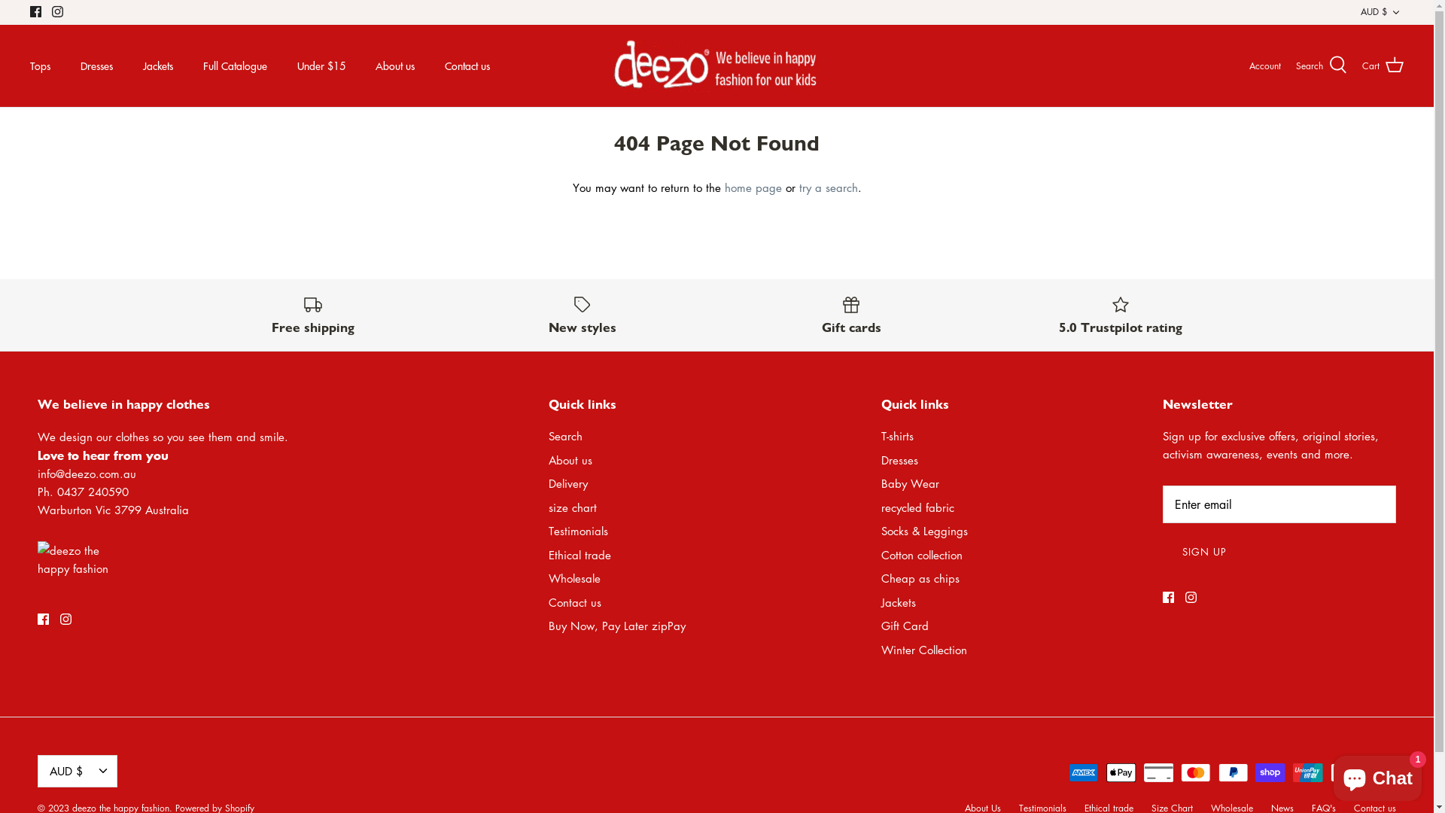 Image resolution: width=1445 pixels, height=813 pixels. I want to click on 'home page', so click(752, 187).